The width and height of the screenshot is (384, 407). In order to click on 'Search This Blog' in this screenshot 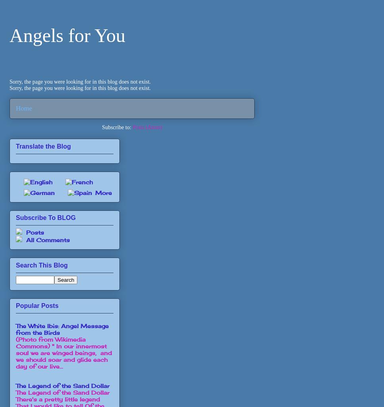, I will do `click(42, 264)`.